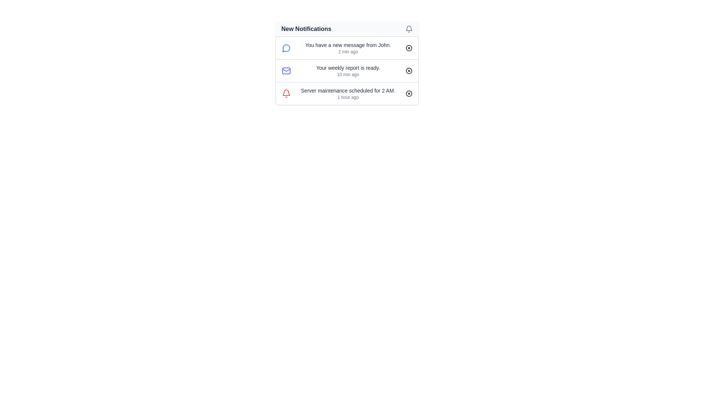  I want to click on the notification text 'Server maintenance scheduled for 2 AM.' which is the third notification in the list, located to the right of a red bell icon, so click(348, 93).